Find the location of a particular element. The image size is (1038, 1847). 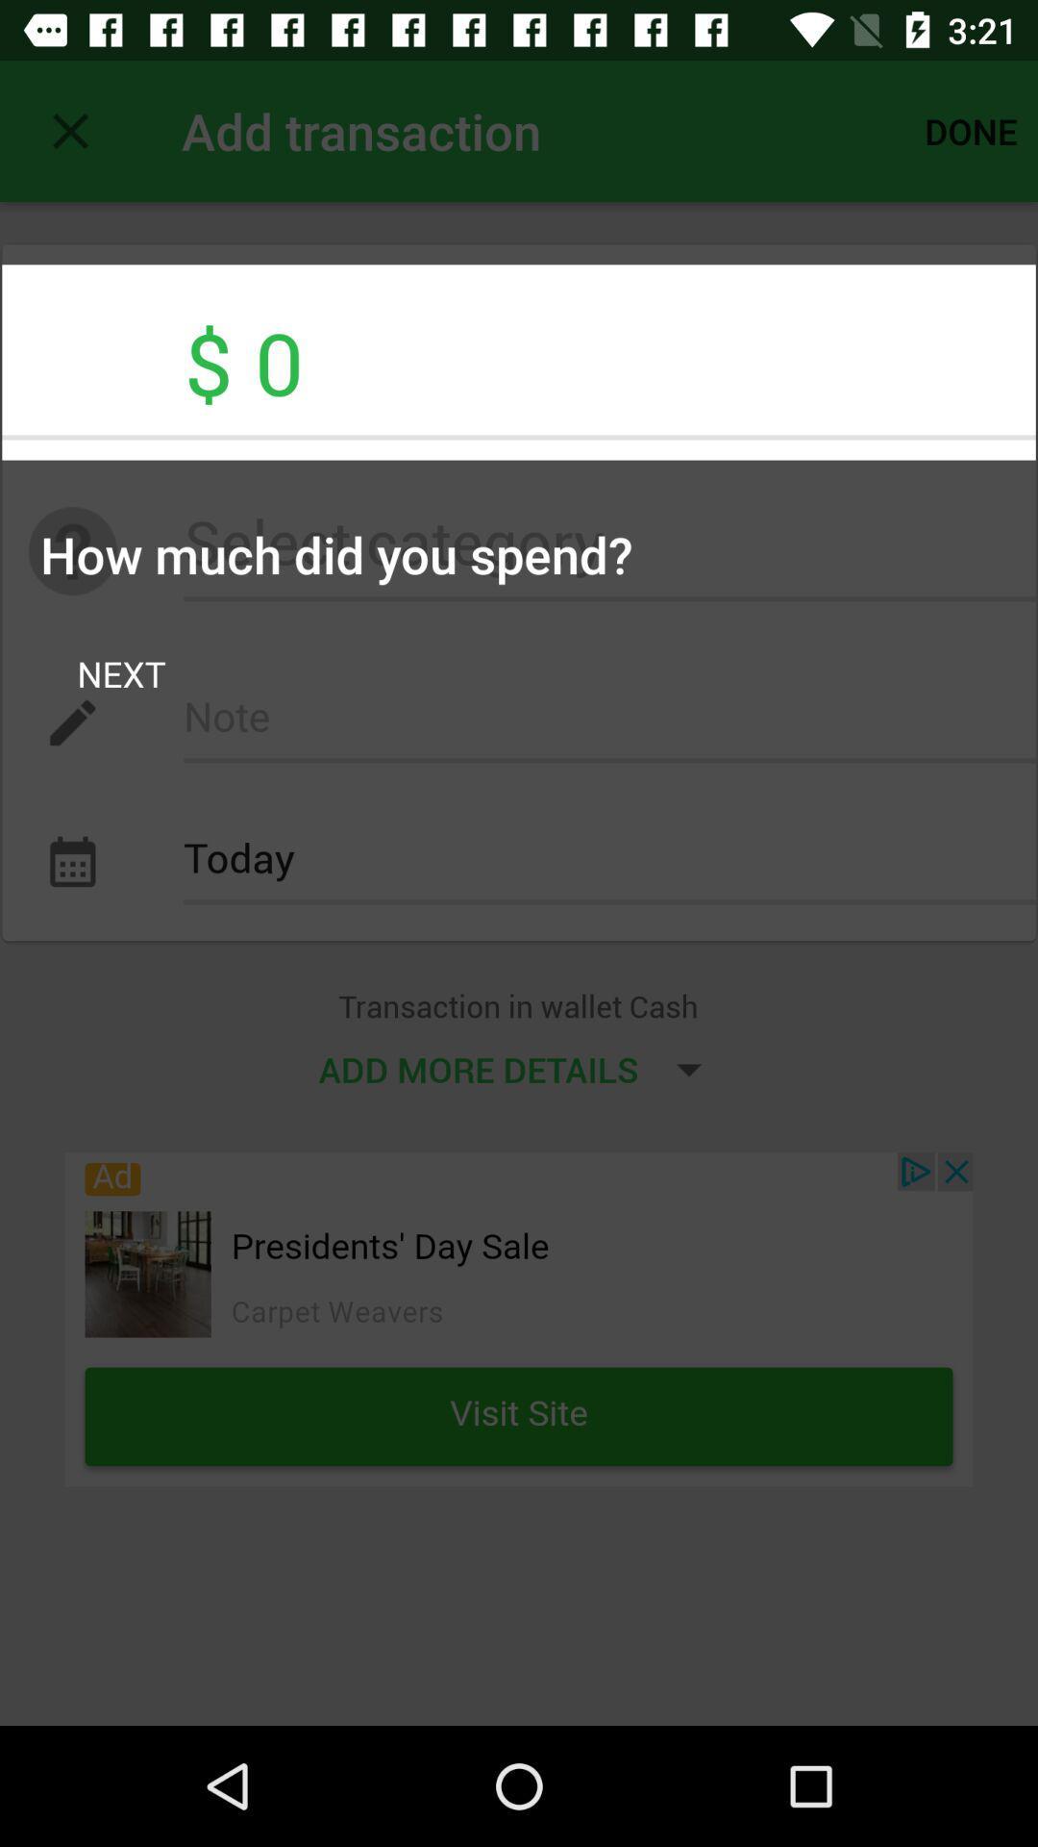

done at the top right corner is located at coordinates (971, 130).